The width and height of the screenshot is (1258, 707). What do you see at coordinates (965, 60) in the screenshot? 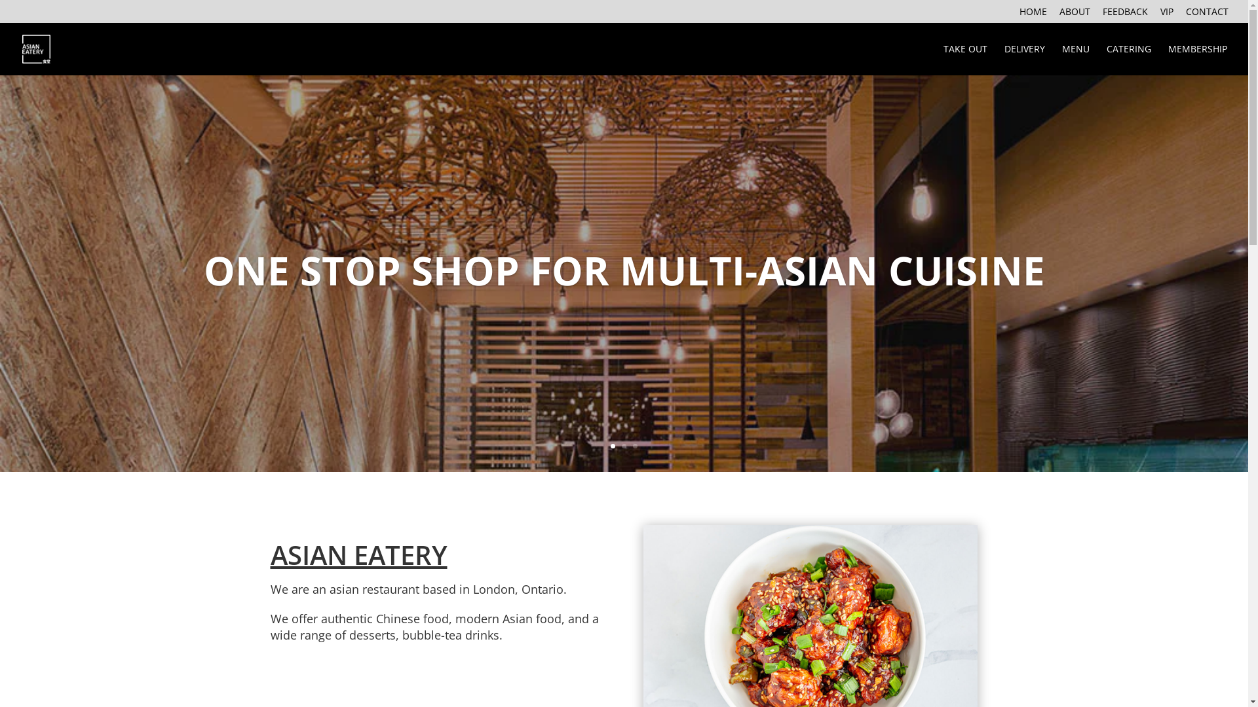
I see `'TAKE OUT'` at bounding box center [965, 60].